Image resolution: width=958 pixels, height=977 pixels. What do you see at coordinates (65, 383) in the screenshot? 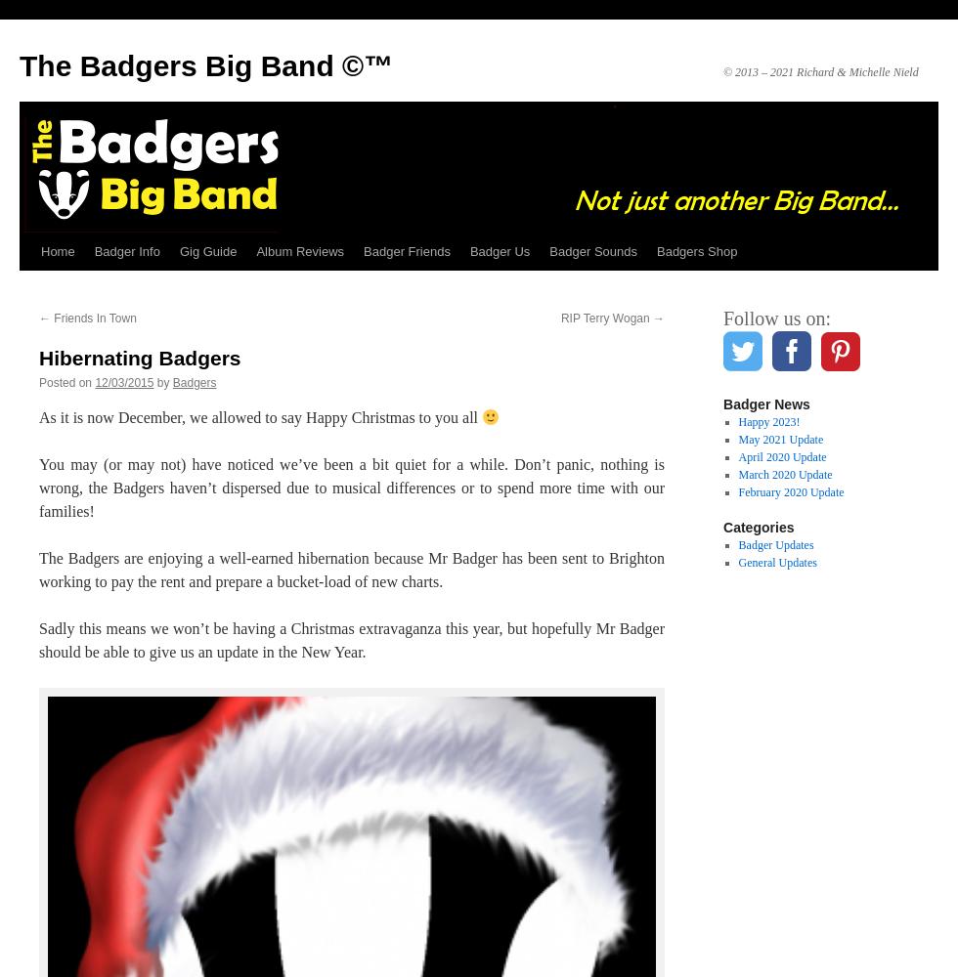
I see `'Posted on'` at bounding box center [65, 383].